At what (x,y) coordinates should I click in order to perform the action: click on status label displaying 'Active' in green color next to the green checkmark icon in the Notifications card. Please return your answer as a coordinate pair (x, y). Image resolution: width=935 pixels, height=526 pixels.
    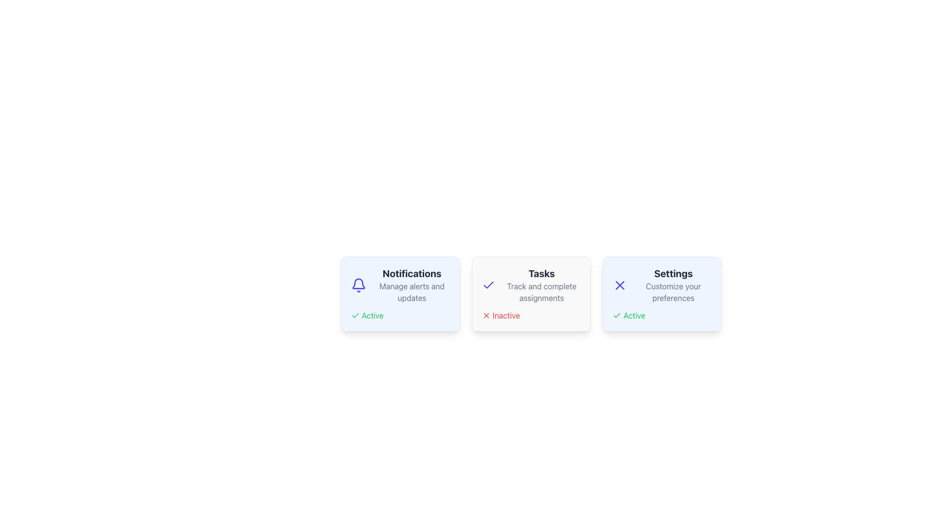
    Looking at the image, I should click on (372, 316).